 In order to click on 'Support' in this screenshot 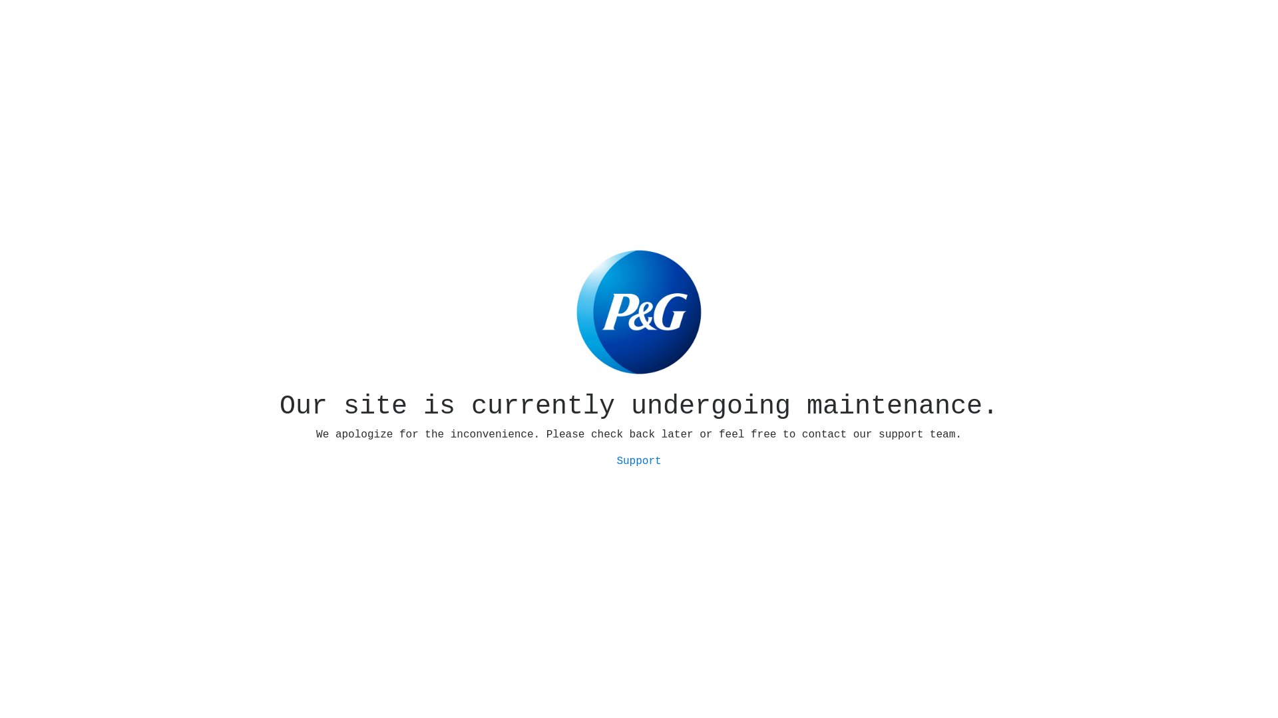, I will do `click(638, 461)`.